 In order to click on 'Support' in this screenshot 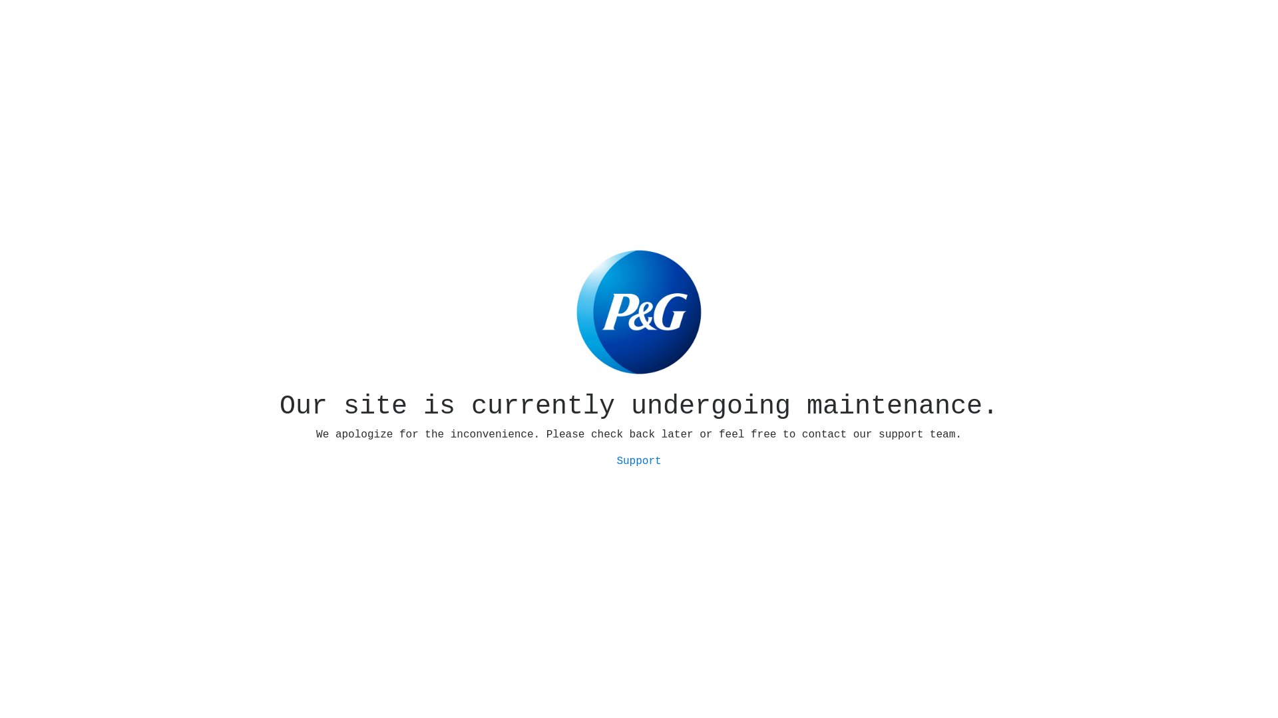, I will do `click(638, 461)`.